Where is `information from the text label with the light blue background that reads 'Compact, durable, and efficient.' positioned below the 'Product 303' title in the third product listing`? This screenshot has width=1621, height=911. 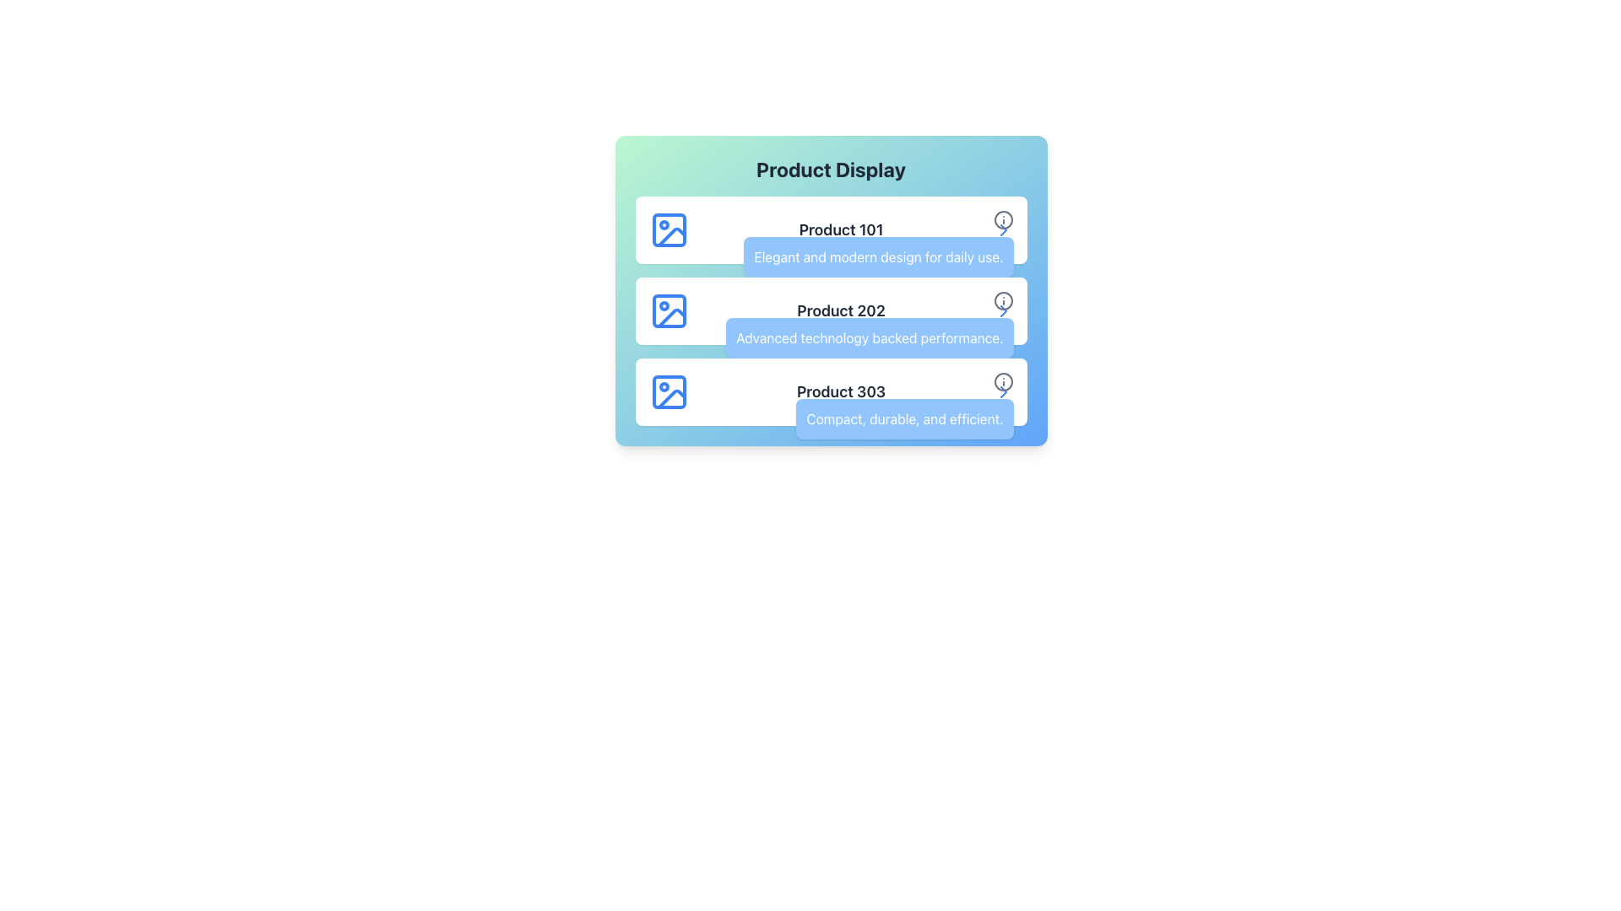
information from the text label with the light blue background that reads 'Compact, durable, and efficient.' positioned below the 'Product 303' title in the third product listing is located at coordinates (903, 418).